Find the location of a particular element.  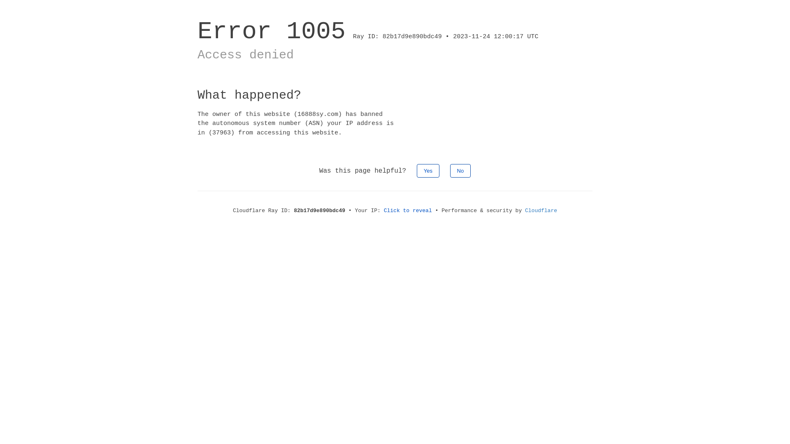

'Click to reveal' is located at coordinates (383, 210).